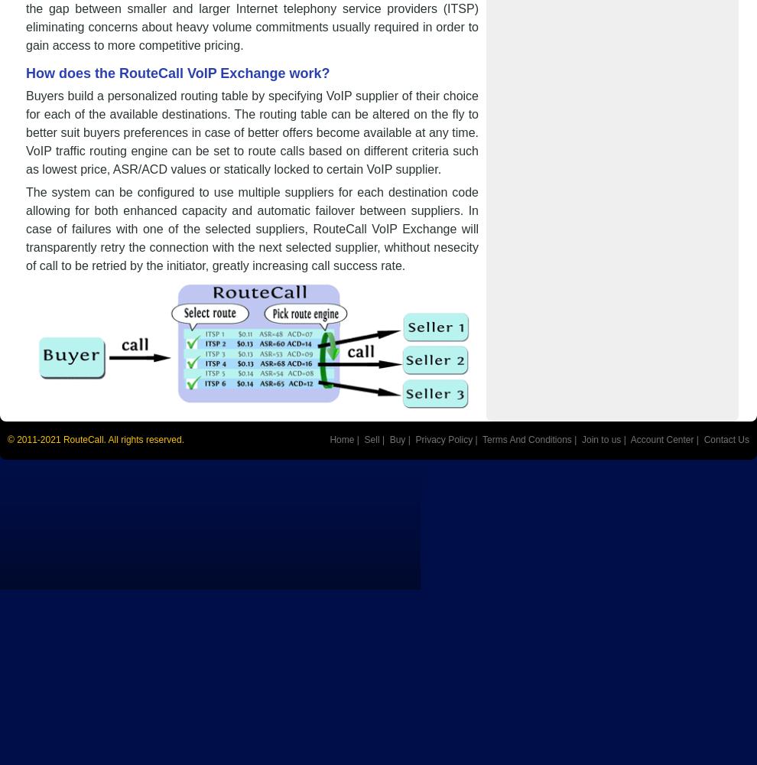 The width and height of the screenshot is (757, 765). I want to click on 'Home', so click(340, 439).